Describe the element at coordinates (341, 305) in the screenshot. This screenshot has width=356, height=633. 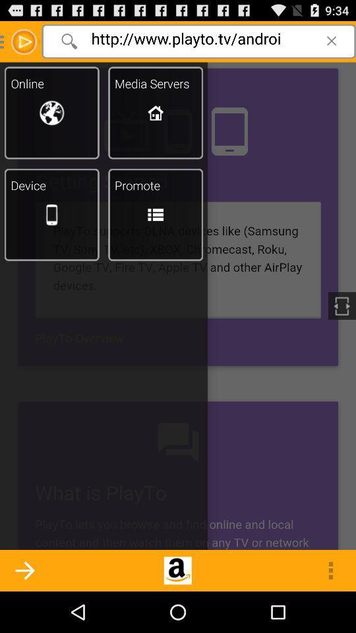
I see `the white colored icon present at the center right of the page` at that location.